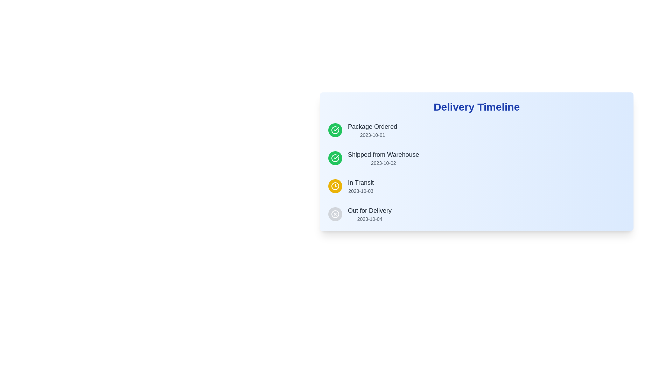 The width and height of the screenshot is (672, 378). I want to click on information displayed in the text block labeled 'Shipped from Warehouse' which includes the date '2023-10-02', so click(383, 158).